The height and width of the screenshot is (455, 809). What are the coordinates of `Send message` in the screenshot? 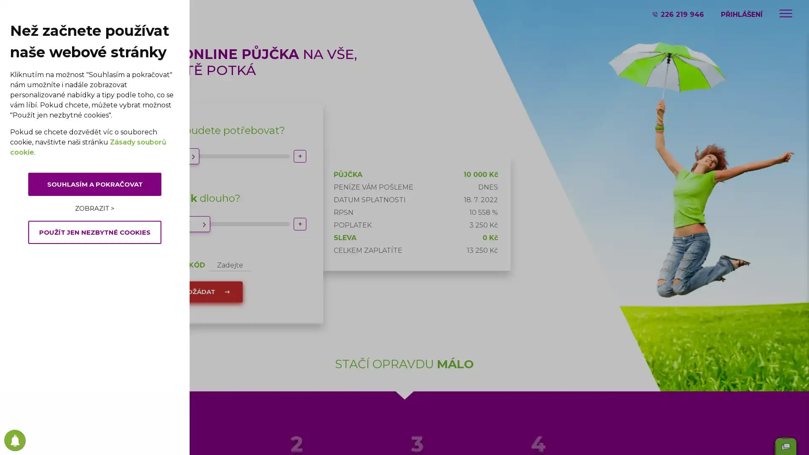 It's located at (786, 441).